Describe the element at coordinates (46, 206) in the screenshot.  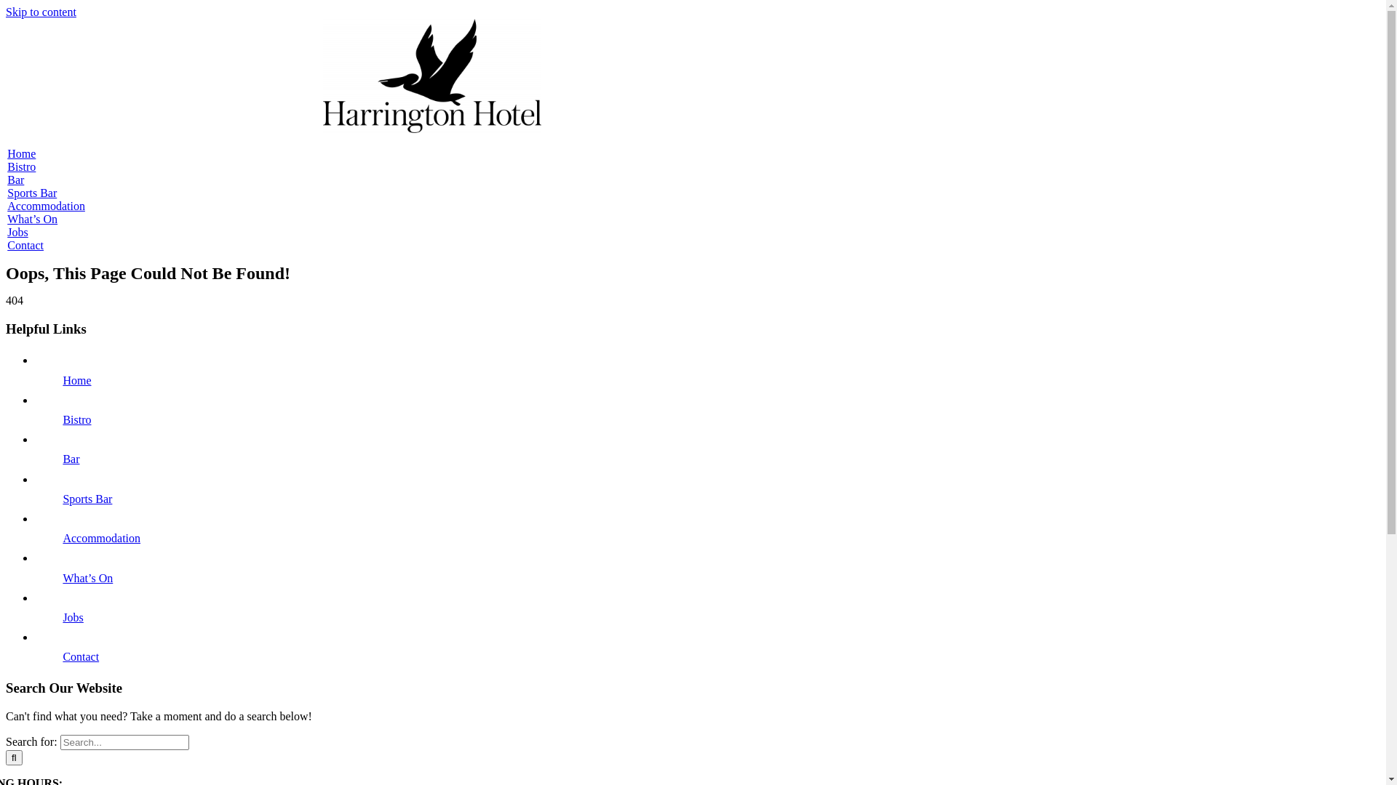
I see `'Accommodation'` at that location.